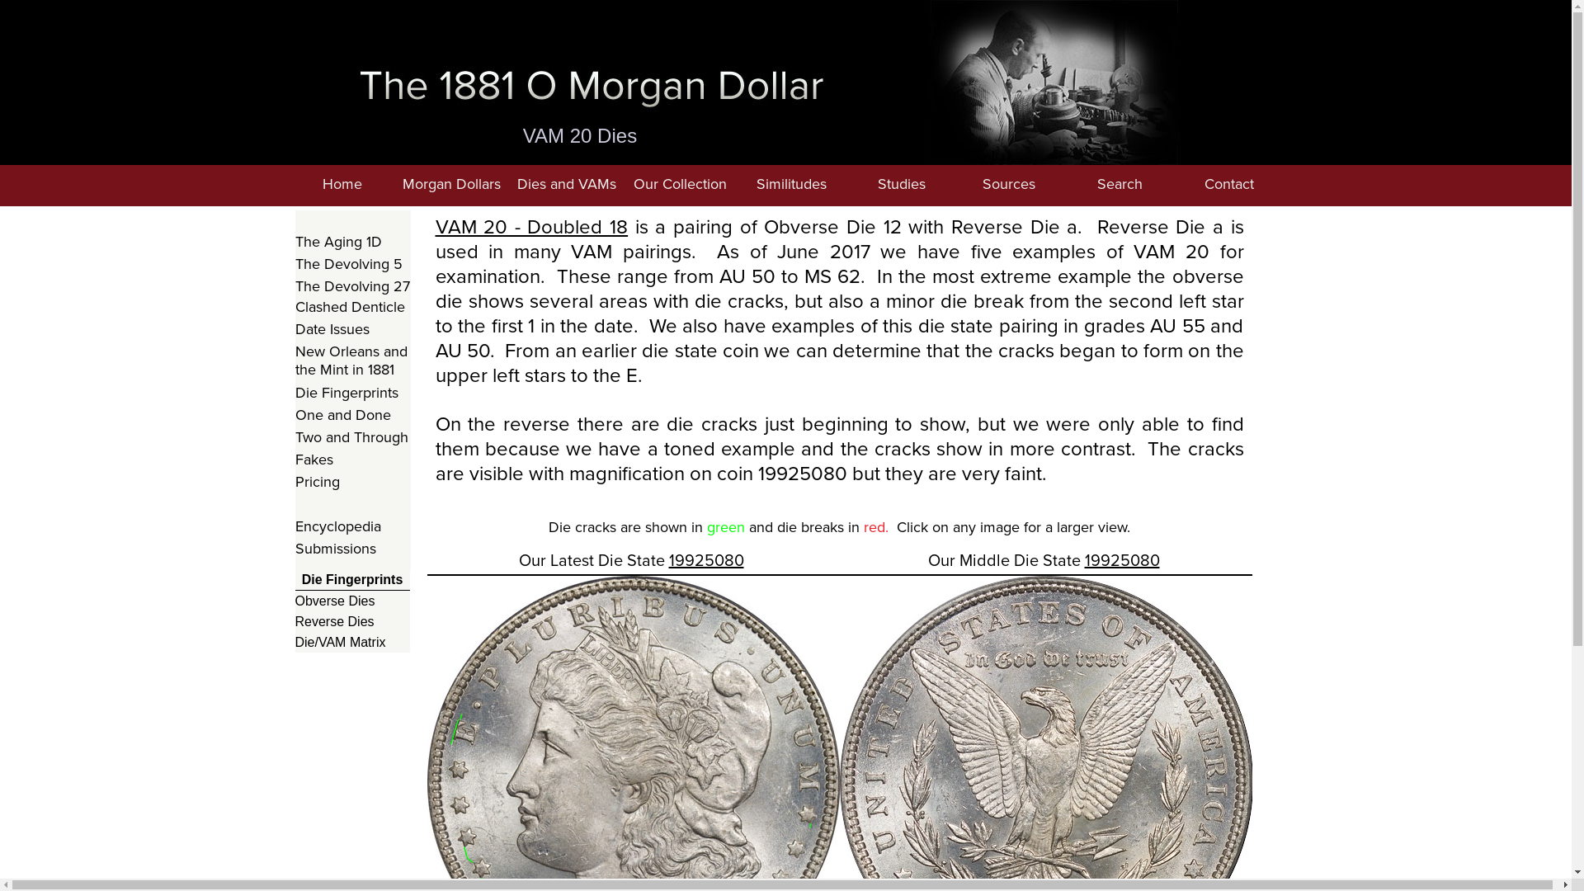  What do you see at coordinates (451, 185) in the screenshot?
I see `'Morgan Dollars'` at bounding box center [451, 185].